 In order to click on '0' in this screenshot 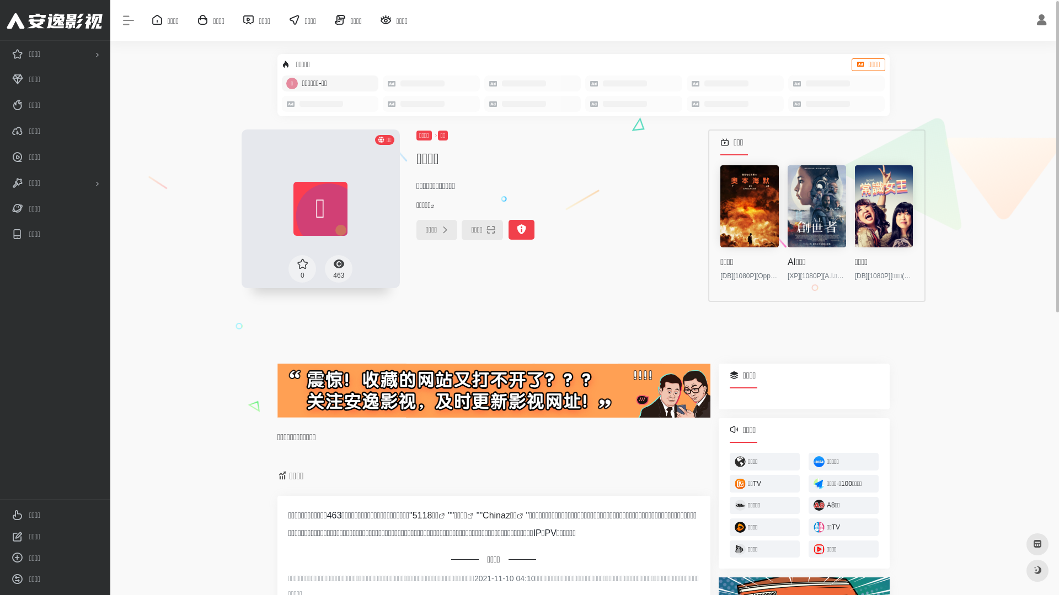, I will do `click(302, 268)`.